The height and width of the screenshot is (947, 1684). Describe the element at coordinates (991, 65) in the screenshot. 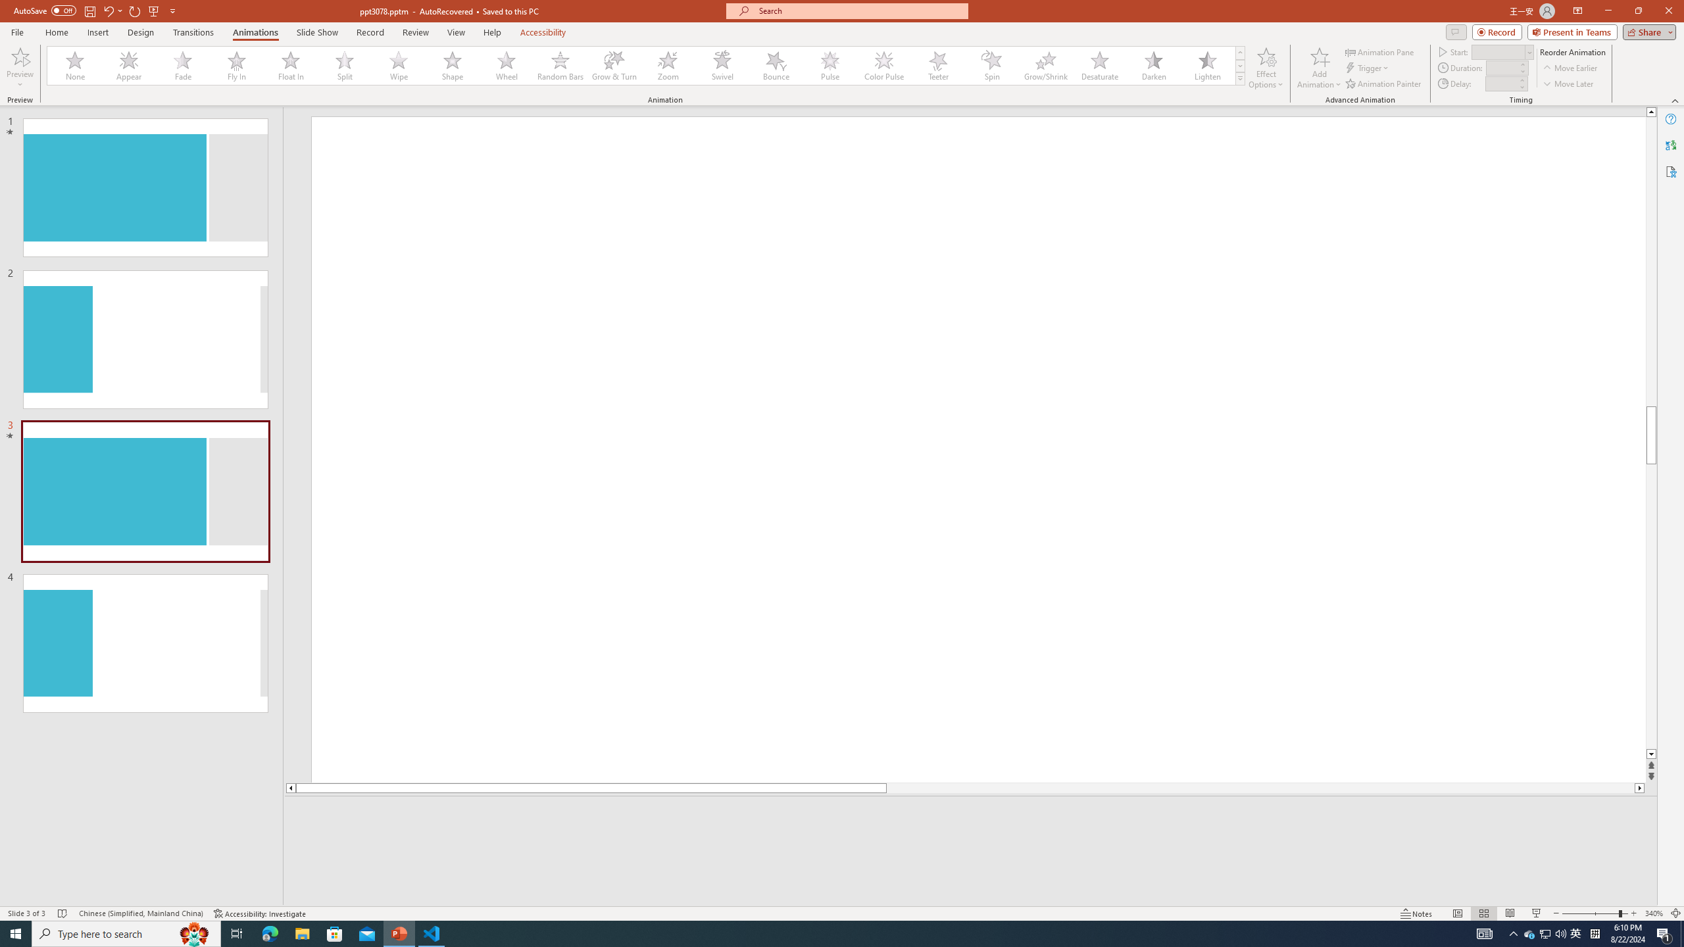

I see `'Spin'` at that location.